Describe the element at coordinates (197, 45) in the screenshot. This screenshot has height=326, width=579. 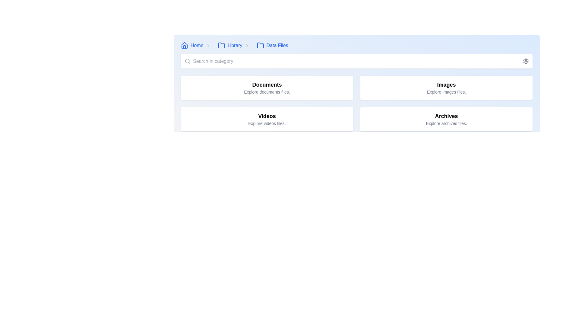
I see `the 'Home' breadcrumb navigation item to return to the root level of the navigation` at that location.